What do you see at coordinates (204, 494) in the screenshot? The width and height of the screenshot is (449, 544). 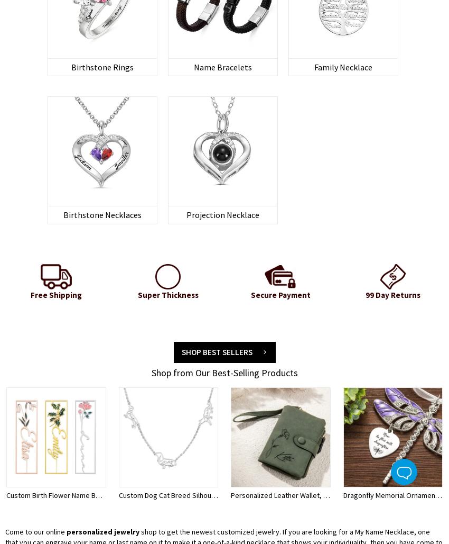 I see `'Custom Birth Flower Name Bookmark, Colorful Birthday Flower Stainless Steel Bookmarks, Gifts for Kids/Book Lovers/Reader'` at bounding box center [204, 494].